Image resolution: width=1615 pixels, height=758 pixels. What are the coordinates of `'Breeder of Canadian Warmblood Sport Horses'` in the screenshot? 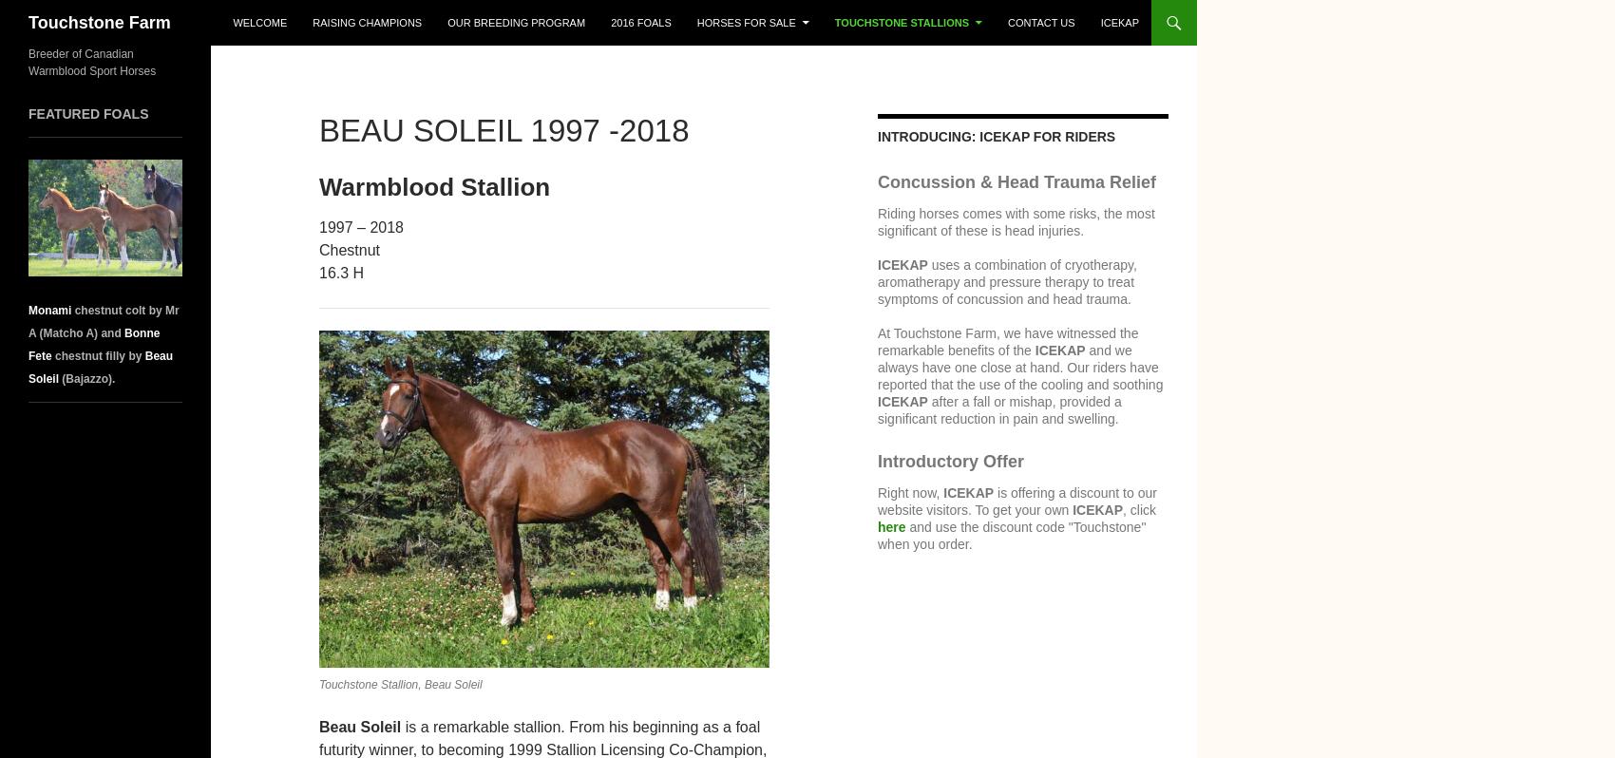 It's located at (92, 61).